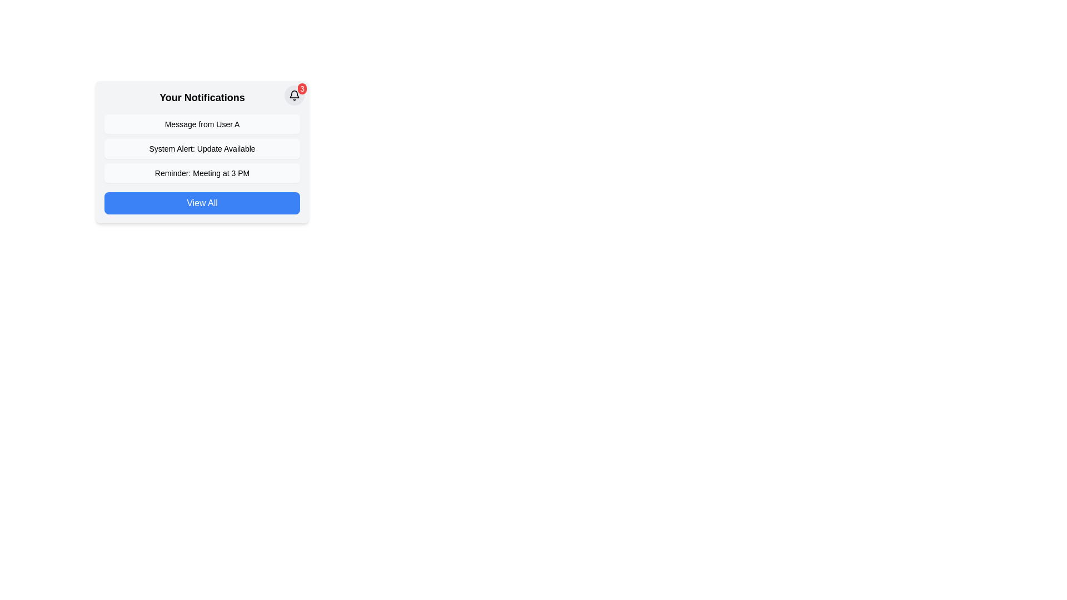 This screenshot has height=600, width=1067. I want to click on the minimalist outline bell icon representing the notifications area located at the top-right corner of the 'Your Notifications' panel, so click(294, 95).